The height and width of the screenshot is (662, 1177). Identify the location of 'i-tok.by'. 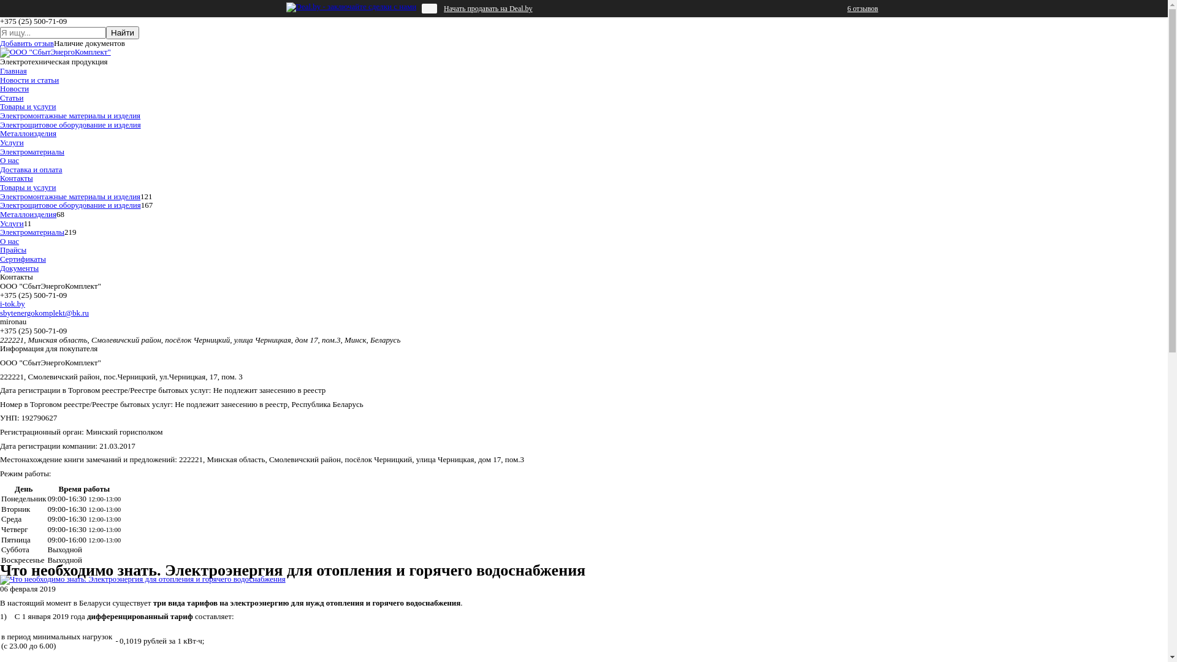
(0, 303).